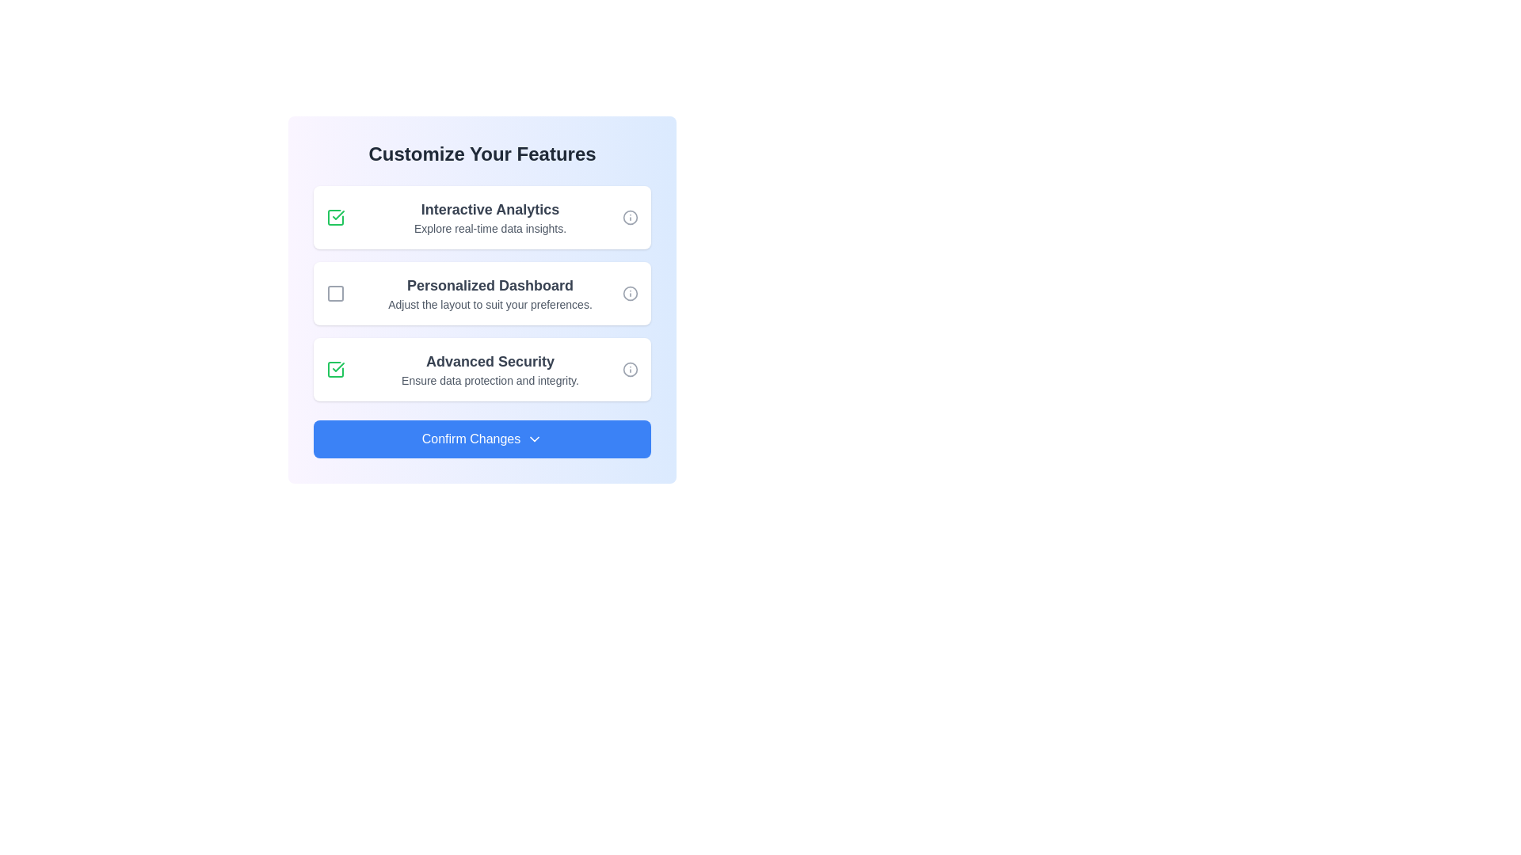 Image resolution: width=1521 pixels, height=855 pixels. What do you see at coordinates (334, 369) in the screenshot?
I see `the checkbox for 'Advanced Security'` at bounding box center [334, 369].